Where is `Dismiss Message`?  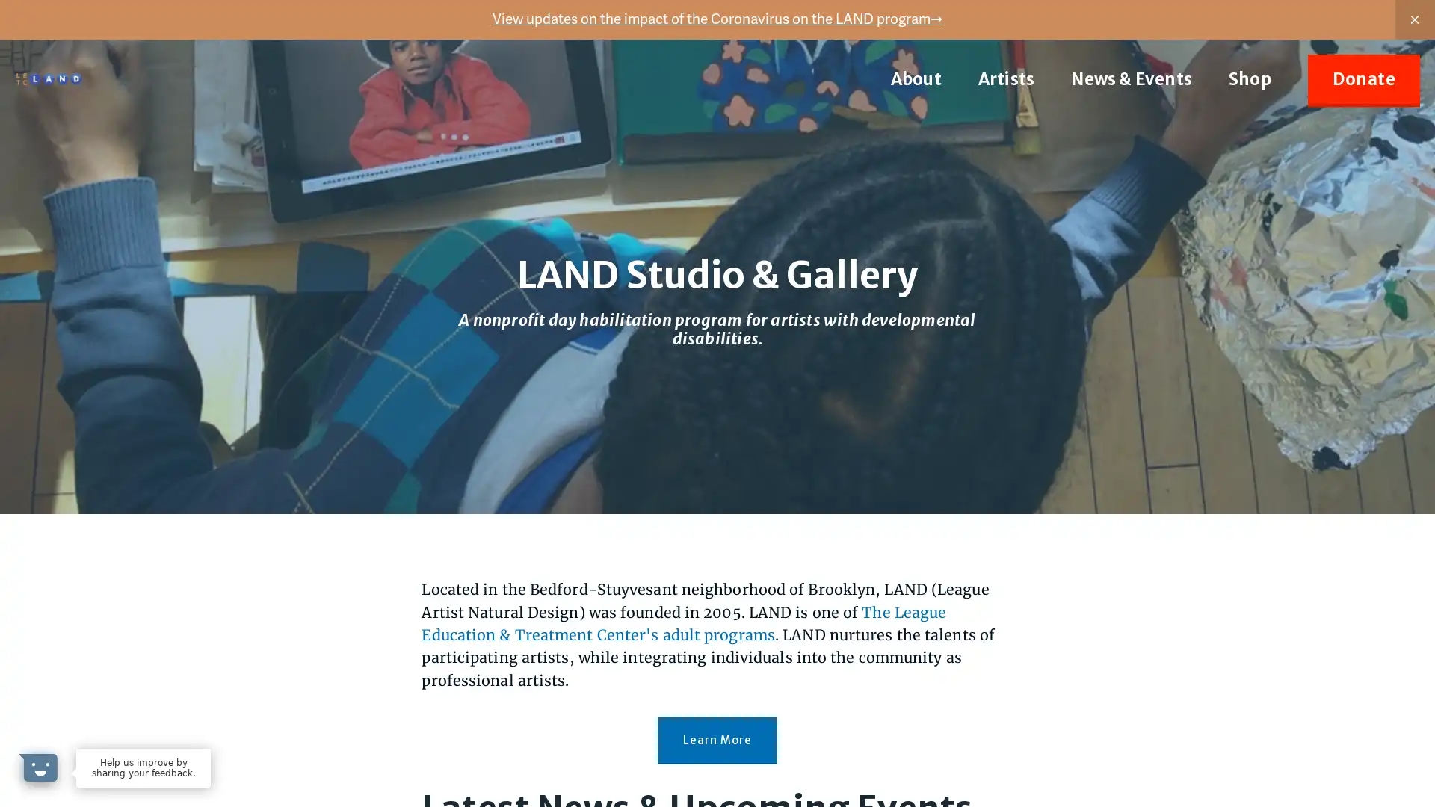
Dismiss Message is located at coordinates (209, 749).